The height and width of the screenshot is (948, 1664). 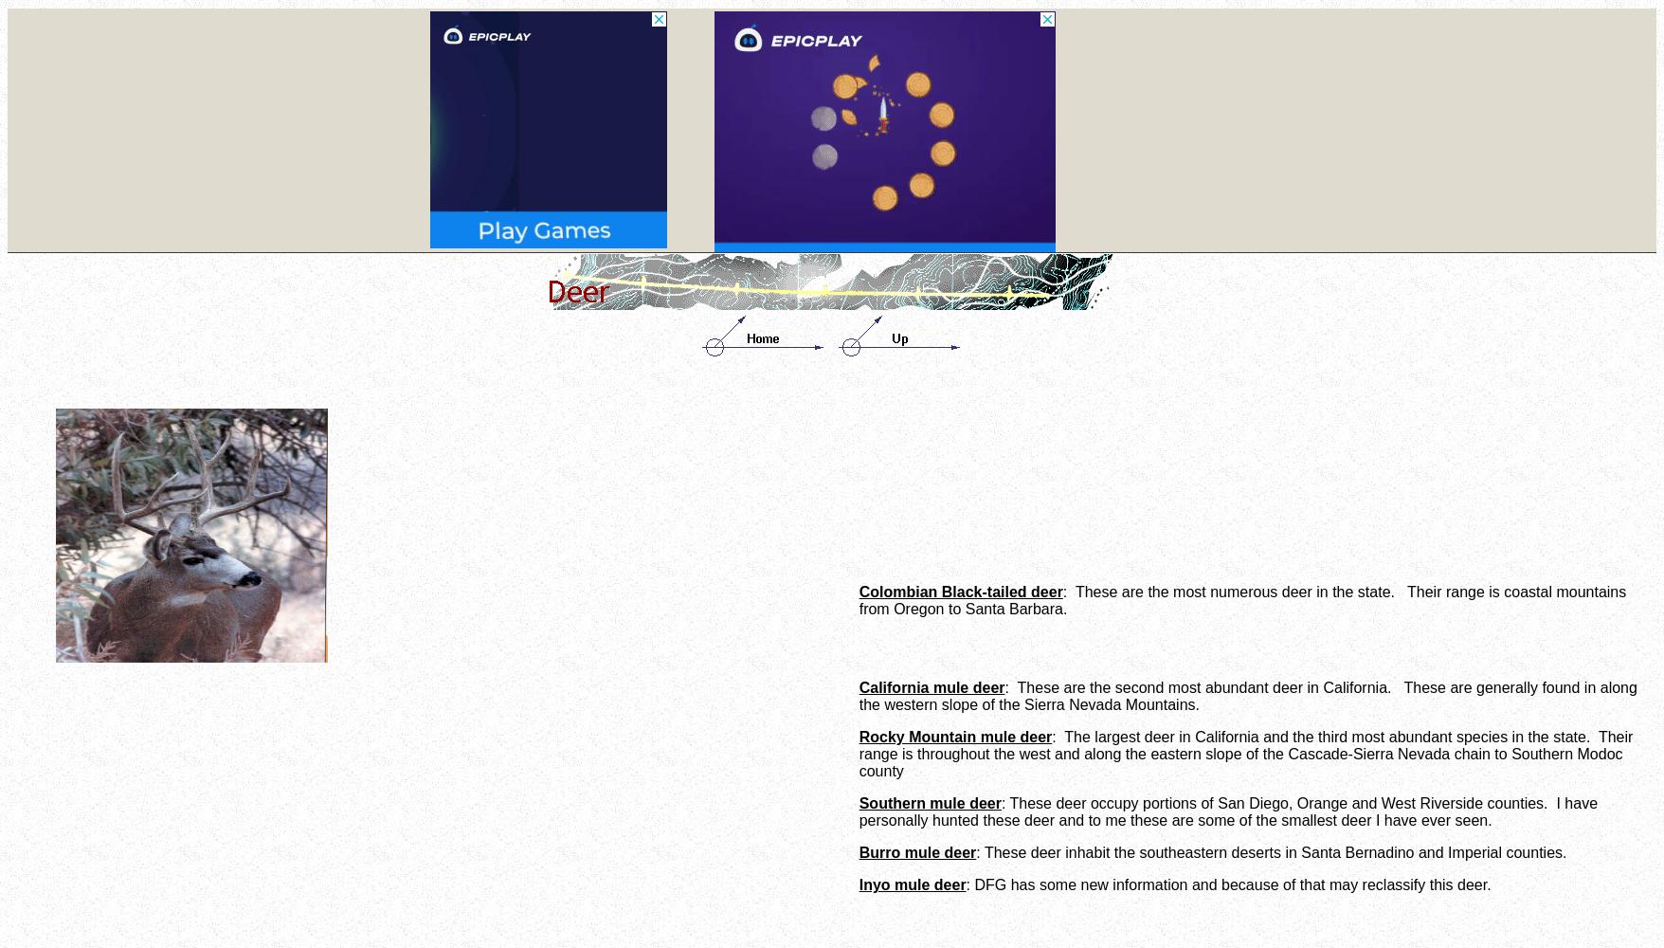 What do you see at coordinates (930, 802) in the screenshot?
I see `'Southern mule deer'` at bounding box center [930, 802].